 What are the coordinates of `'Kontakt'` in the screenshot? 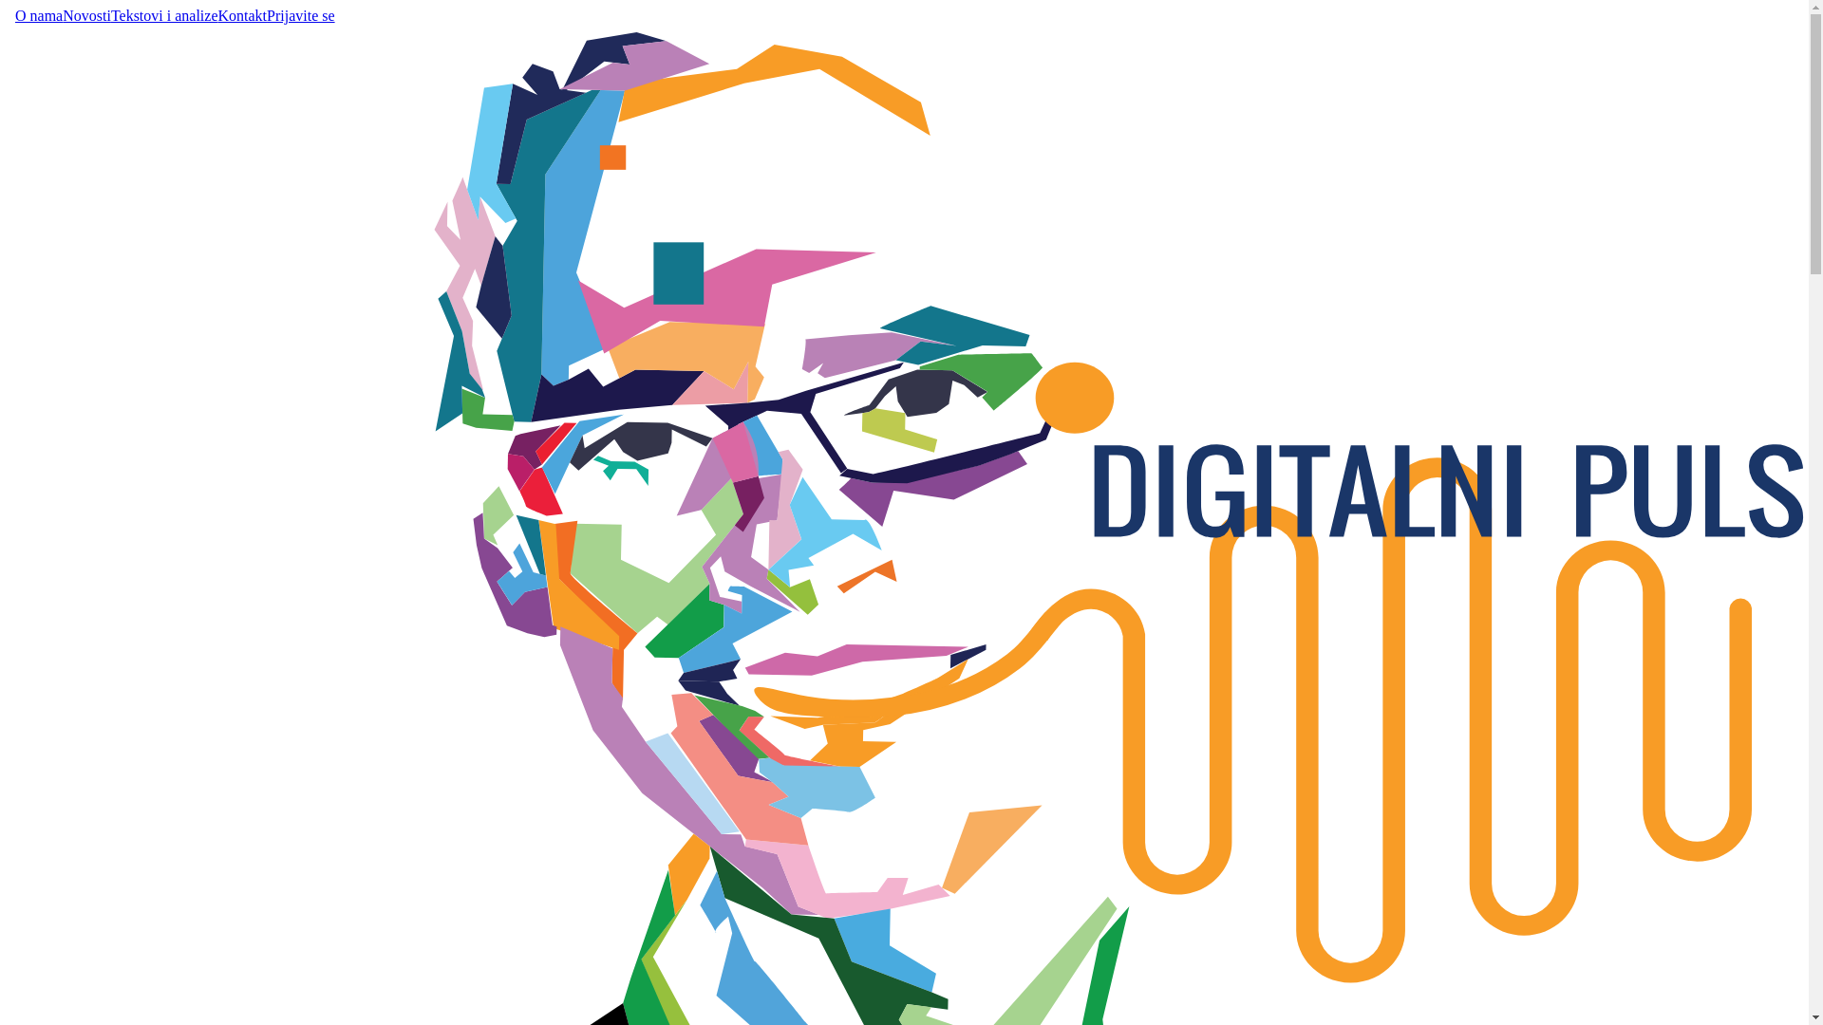 It's located at (241, 15).